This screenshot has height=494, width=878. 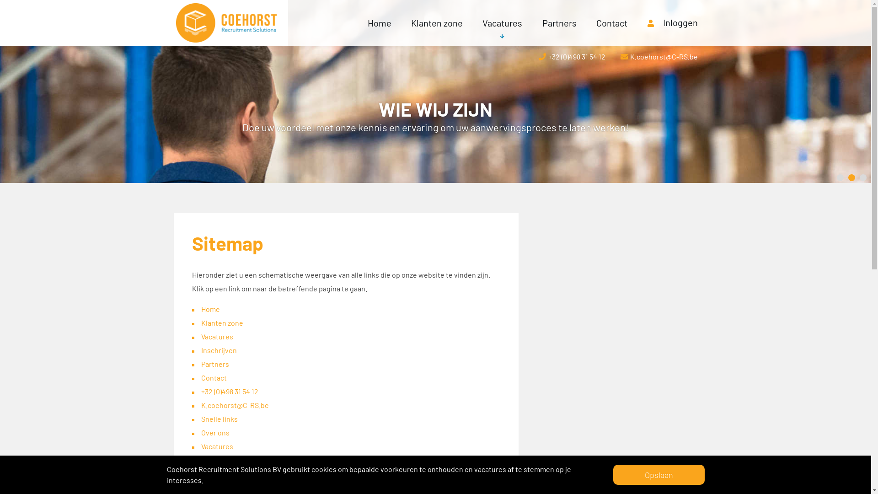 What do you see at coordinates (236, 473) in the screenshot?
I see `'Inschrijven Kandidaat'` at bounding box center [236, 473].